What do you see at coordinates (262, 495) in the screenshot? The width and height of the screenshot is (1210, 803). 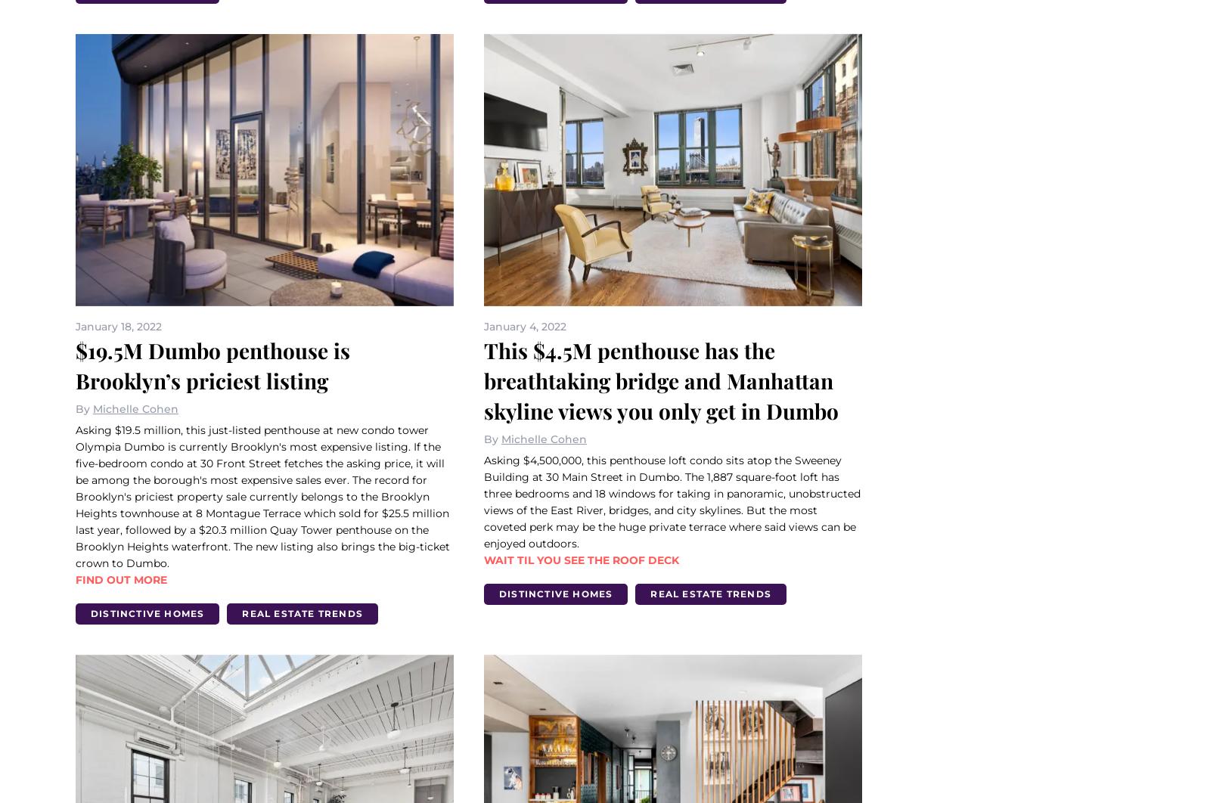 I see `'Asking $19.5 million, this just-listed penthouse at new condo tower Olympia Dumbo is currently Brooklyn's most expensive listing. If the five-bedroom condo at 30 Front Street fetches the asking price, it will be among the borough's most expensive sales ever. The record for Brooklyn's priciest property sale currently belongs to the Brooklyn Heights townhouse at 8 Montague Terrace which sold for $25.5 million last year, followed by a $20.3 million Quay Tower penthouse on the Brooklyn Heights waterfront. The new listing also brings the big-ticket crown to Dumbo.'` at bounding box center [262, 495].